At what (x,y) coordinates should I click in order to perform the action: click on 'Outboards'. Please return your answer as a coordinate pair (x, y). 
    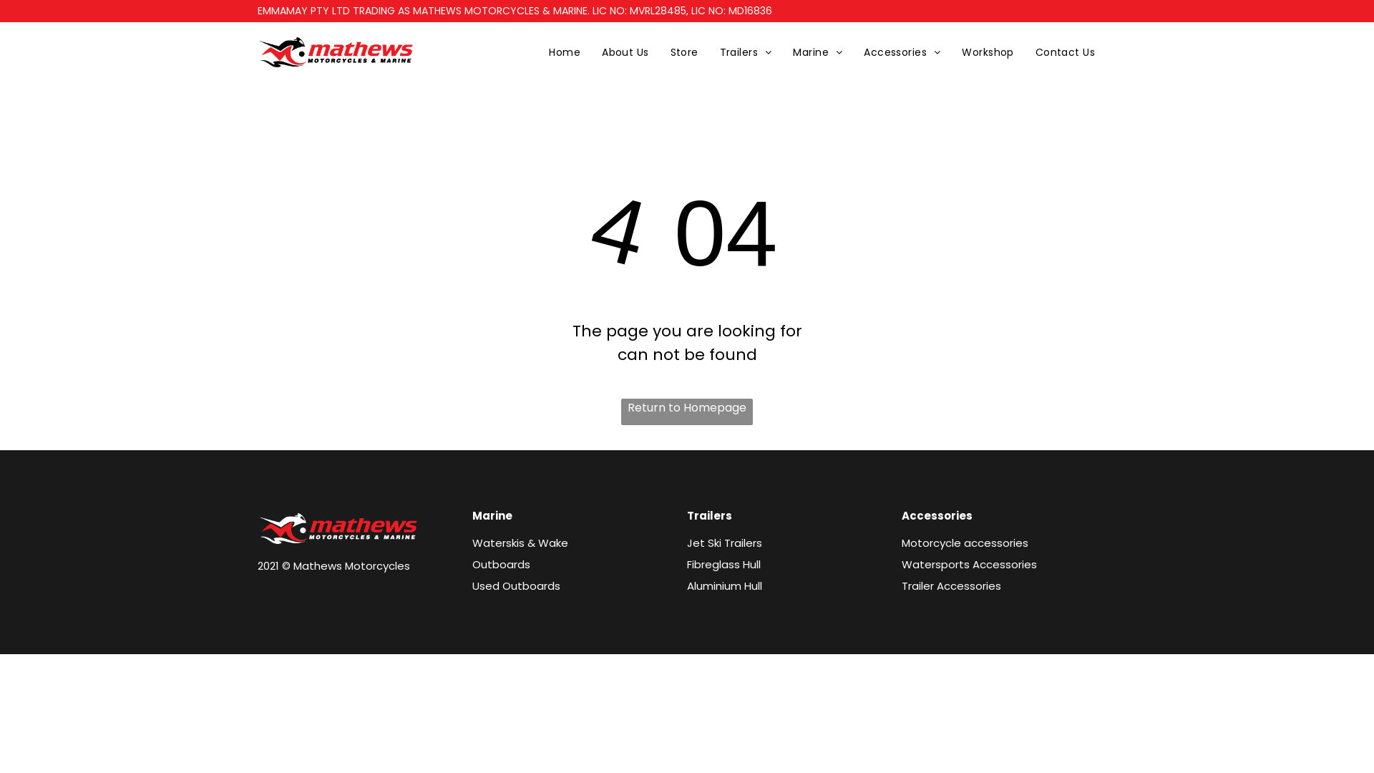
    Looking at the image, I should click on (501, 563).